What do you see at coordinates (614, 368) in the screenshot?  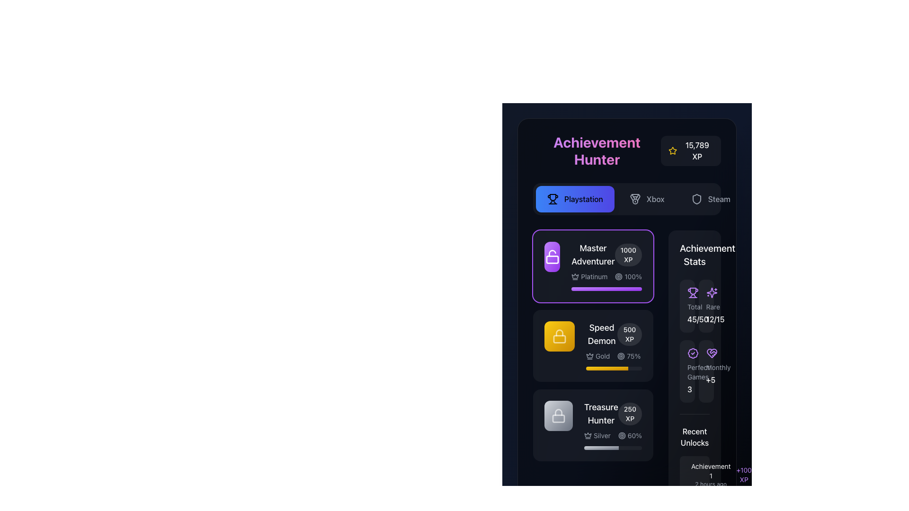 I see `the Progress Bar located in the 'Speed Demon' section, which visually represents the progress towards the 'Speed Demon' achievement, positioned below the 'Gold' and '75%' labels` at bounding box center [614, 368].